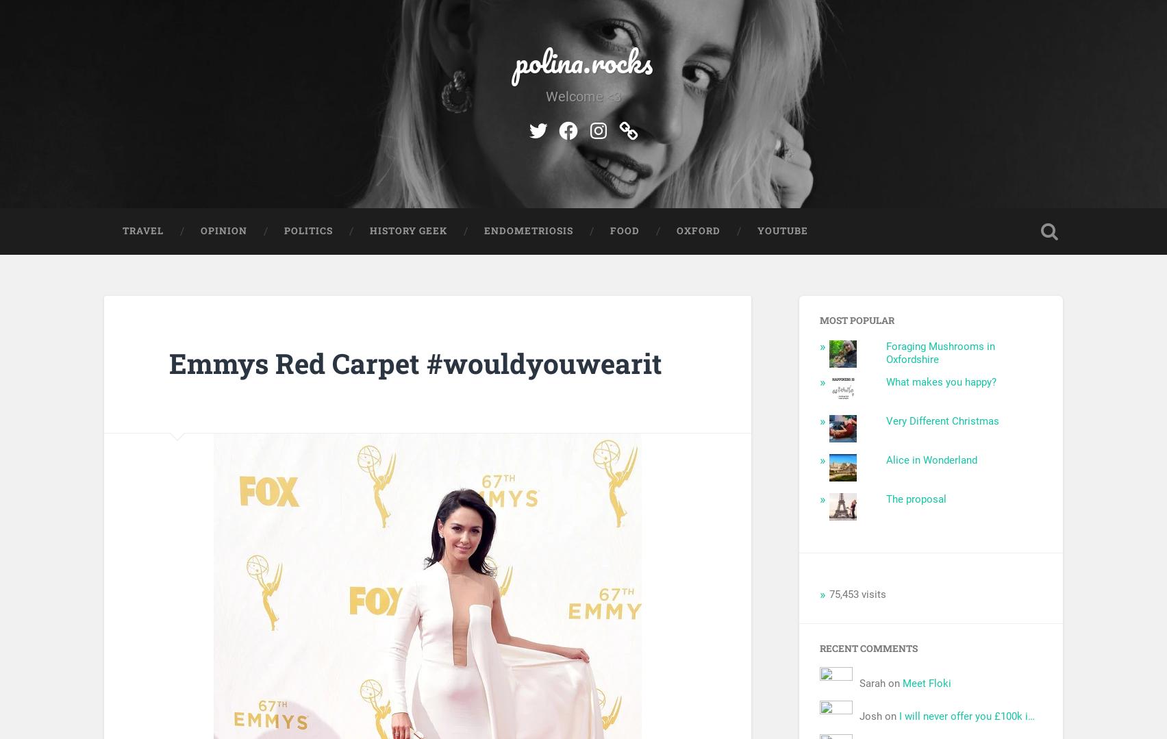 The height and width of the screenshot is (739, 1167). I want to click on 'I will never offer you £100k i…', so click(966, 715).